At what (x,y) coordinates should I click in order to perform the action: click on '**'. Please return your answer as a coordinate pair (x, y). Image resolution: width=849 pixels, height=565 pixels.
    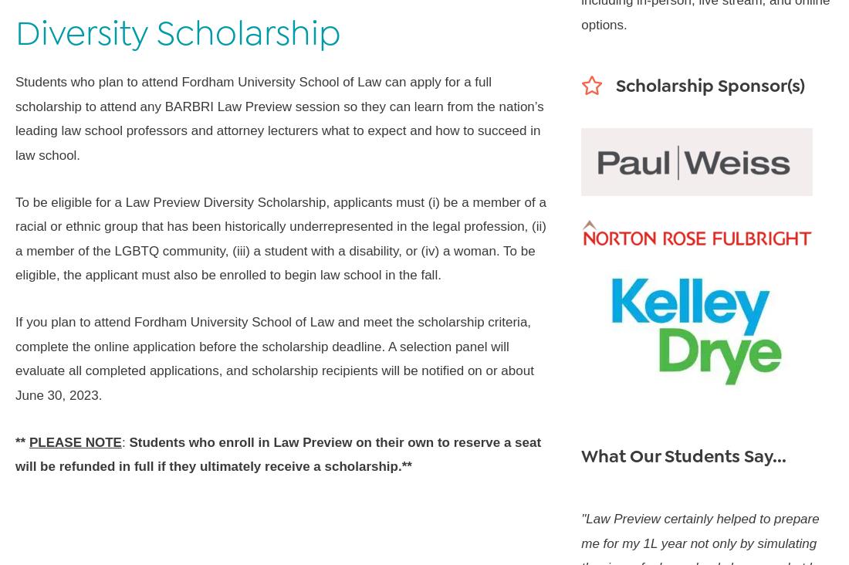
    Looking at the image, I should click on (21, 441).